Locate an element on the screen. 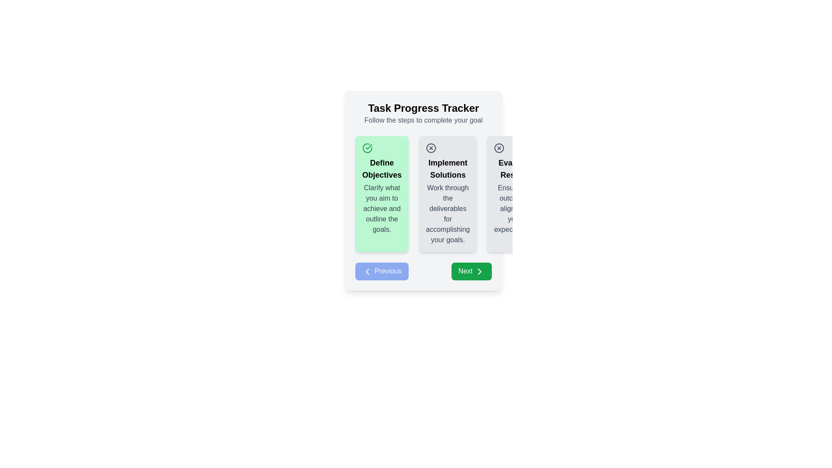 This screenshot has height=468, width=832. the second step Card in the task progression process to trigger UI effects is located at coordinates (448, 193).